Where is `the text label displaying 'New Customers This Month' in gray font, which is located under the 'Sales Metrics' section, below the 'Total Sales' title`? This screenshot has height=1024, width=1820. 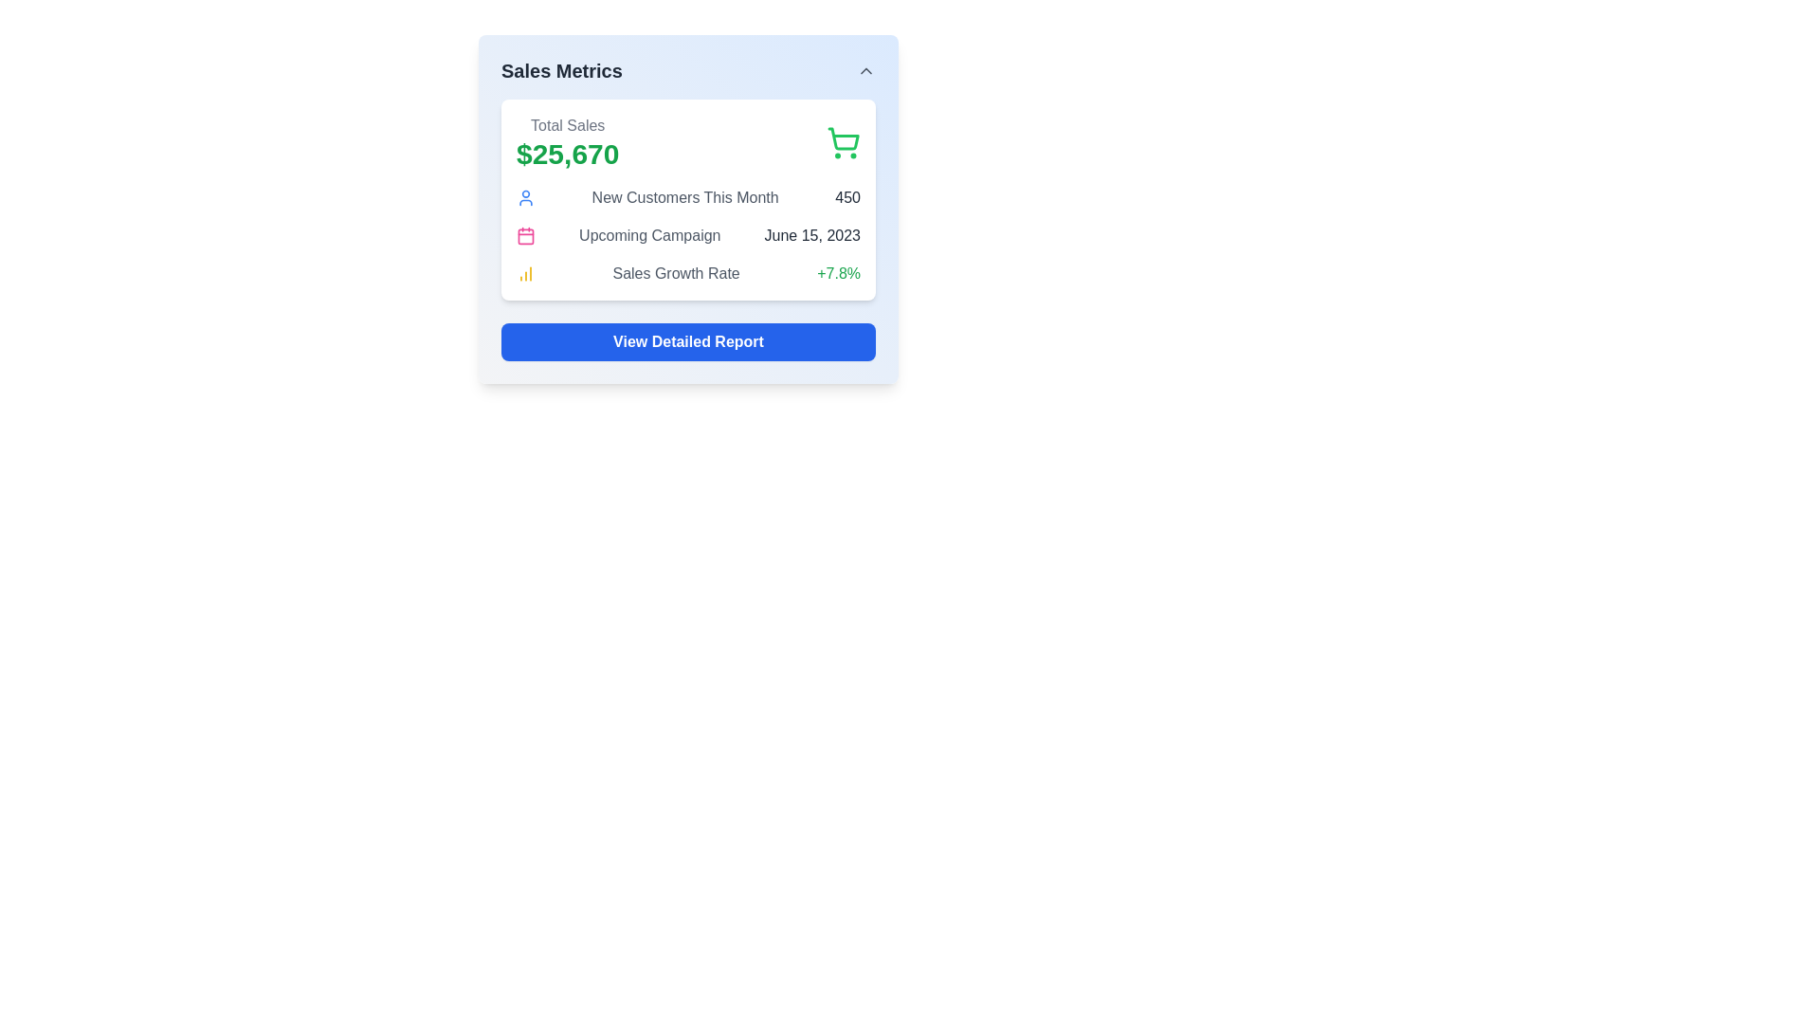
the text label displaying 'New Customers This Month' in gray font, which is located under the 'Sales Metrics' section, below the 'Total Sales' title is located at coordinates (684, 197).